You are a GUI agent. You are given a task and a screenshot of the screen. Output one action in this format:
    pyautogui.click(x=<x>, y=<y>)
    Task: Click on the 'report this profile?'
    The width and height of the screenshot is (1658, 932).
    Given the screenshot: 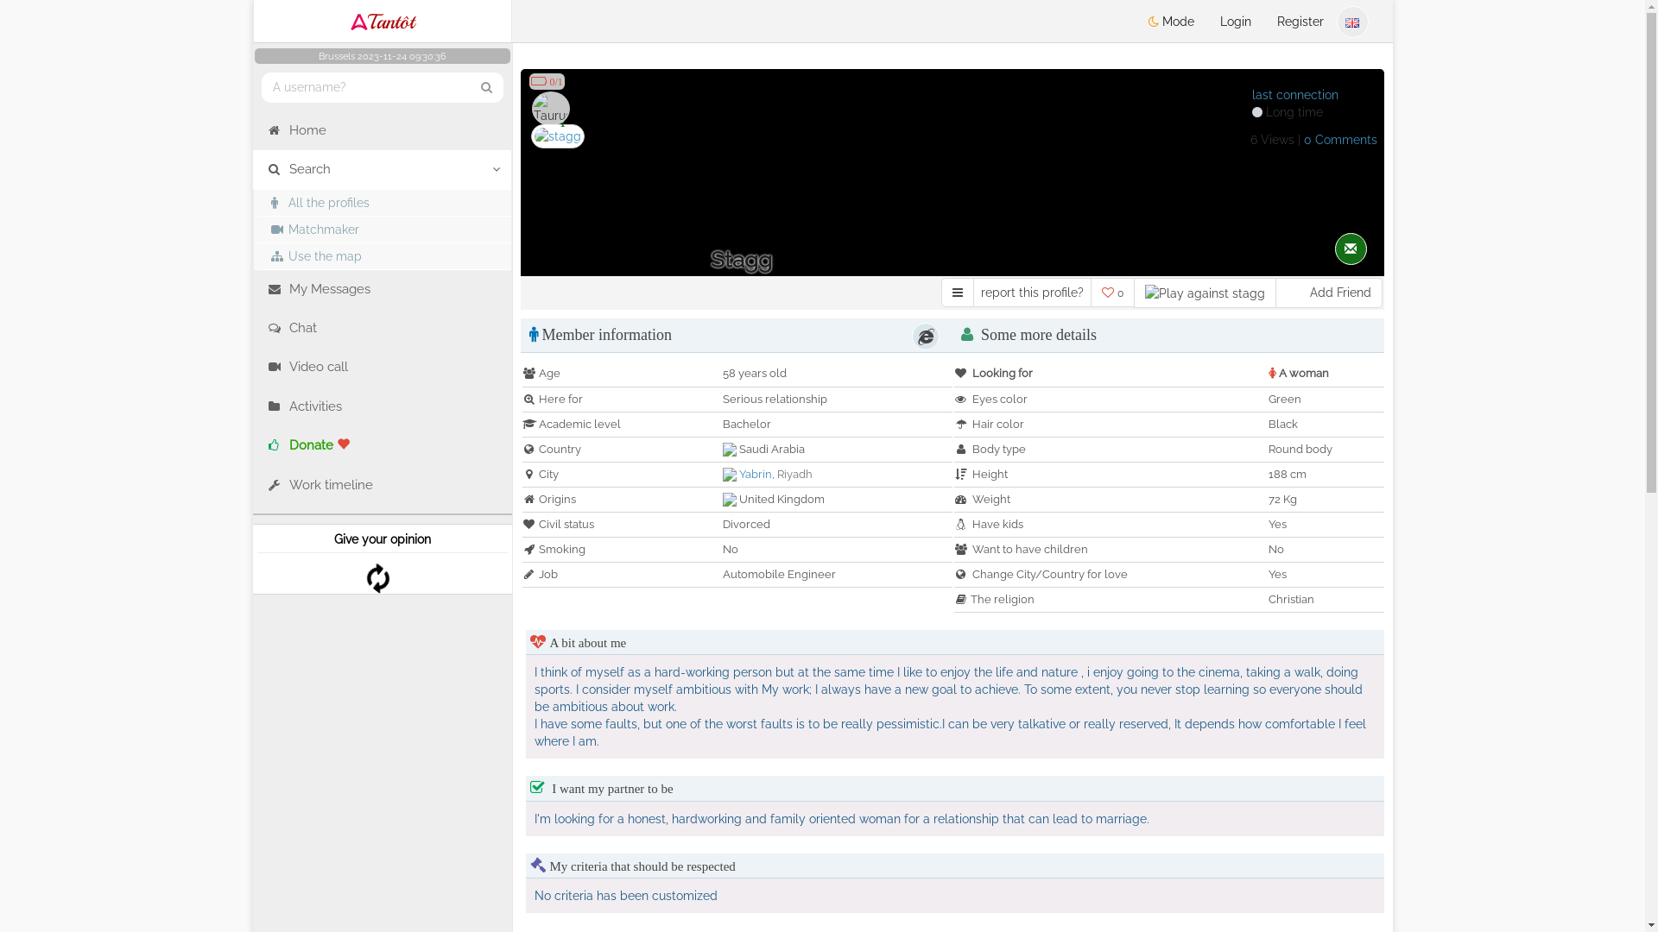 What is the action you would take?
    pyautogui.click(x=1031, y=292)
    